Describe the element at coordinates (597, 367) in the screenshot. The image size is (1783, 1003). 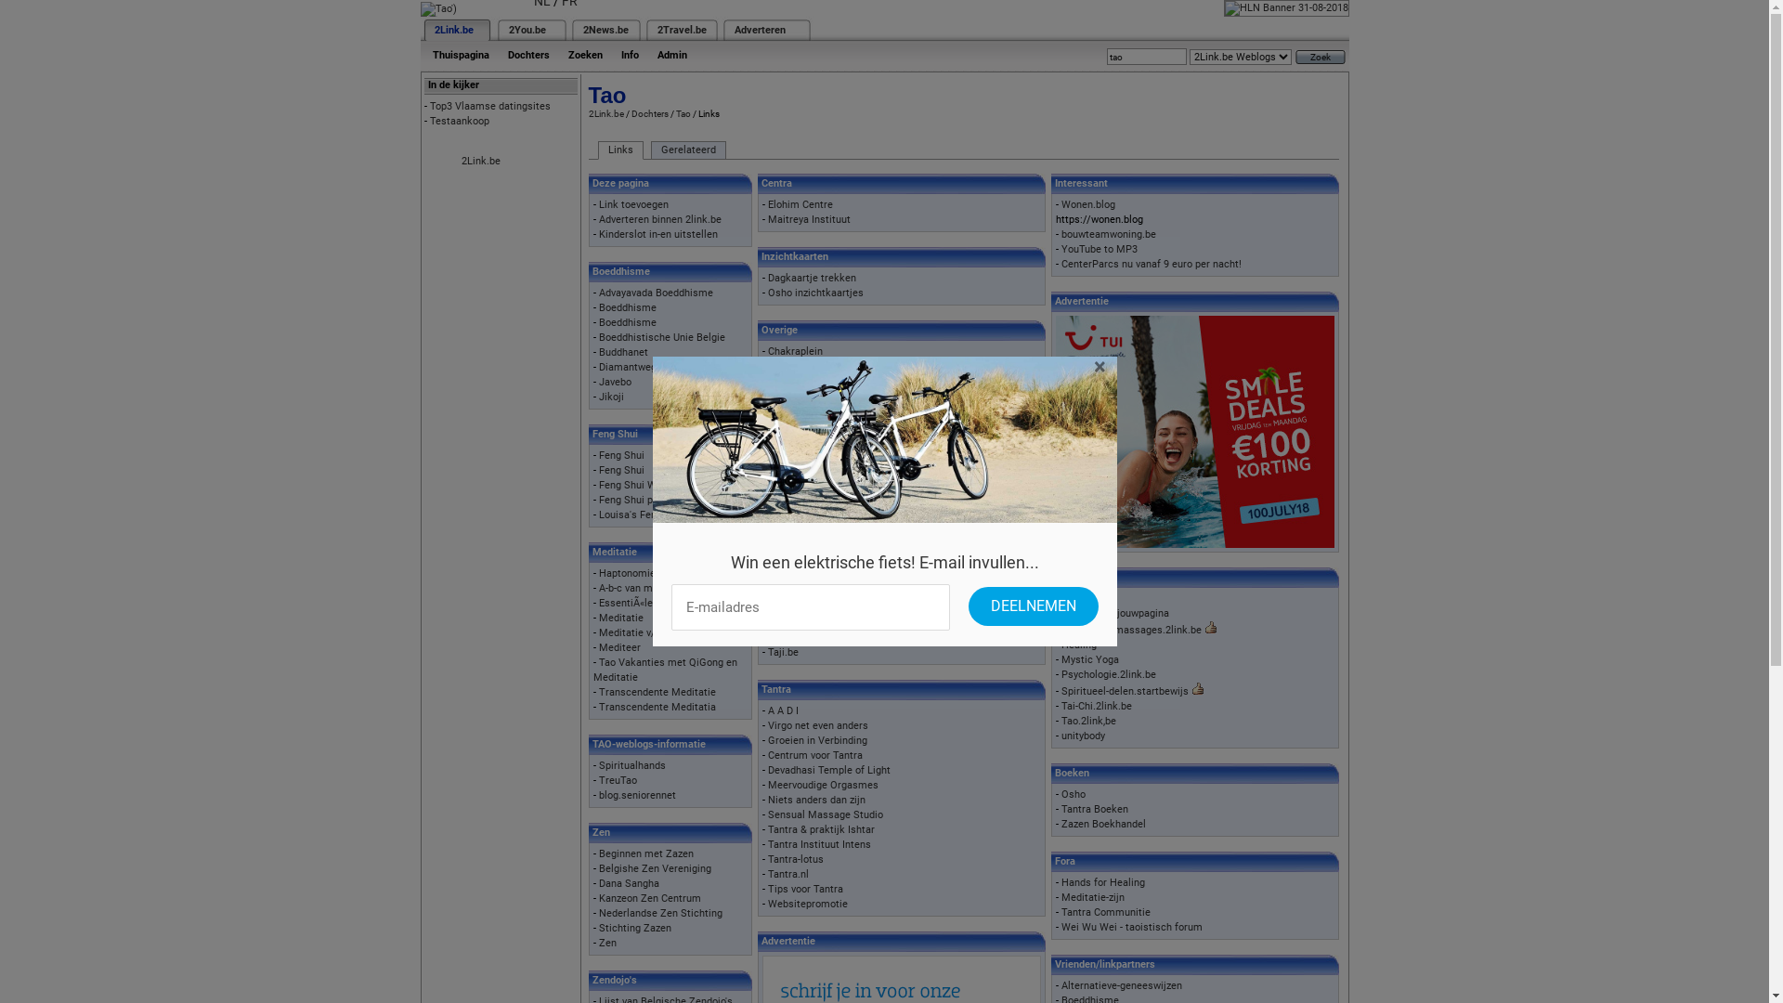
I see `'Diamantweg-boeddhisme'` at that location.